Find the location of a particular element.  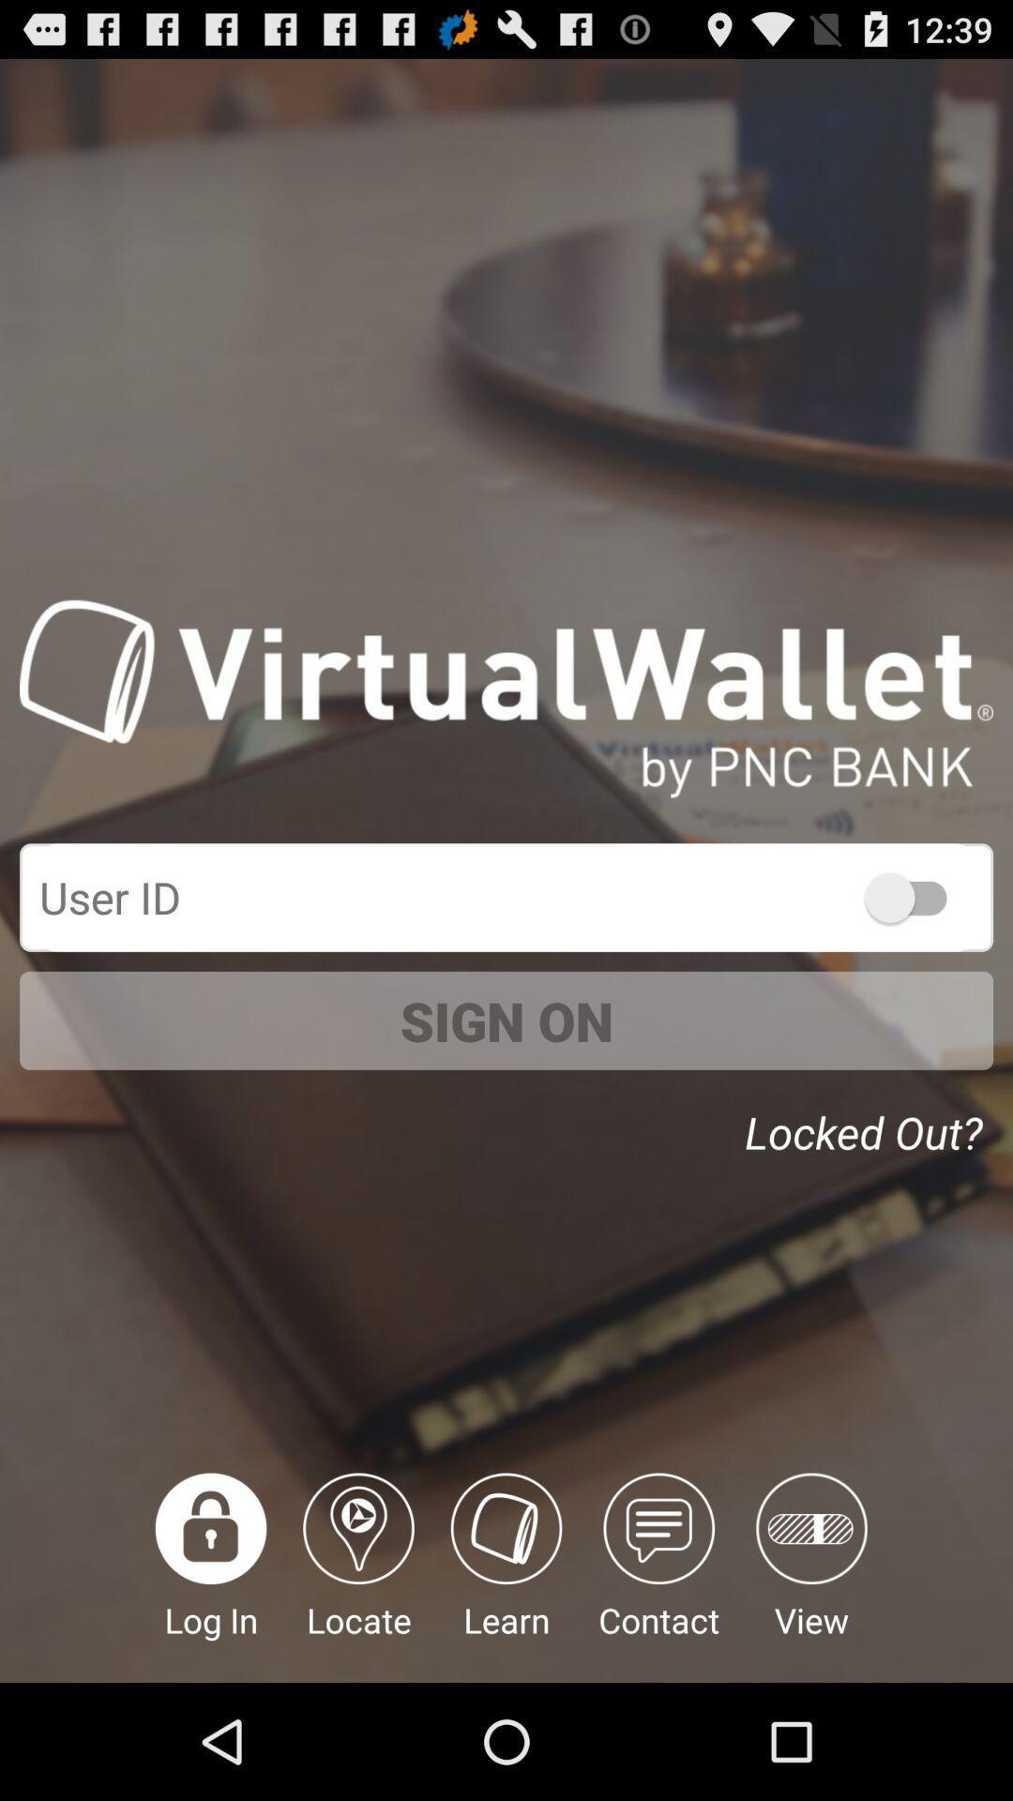

the icon below sign on item is located at coordinates (506, 1577).